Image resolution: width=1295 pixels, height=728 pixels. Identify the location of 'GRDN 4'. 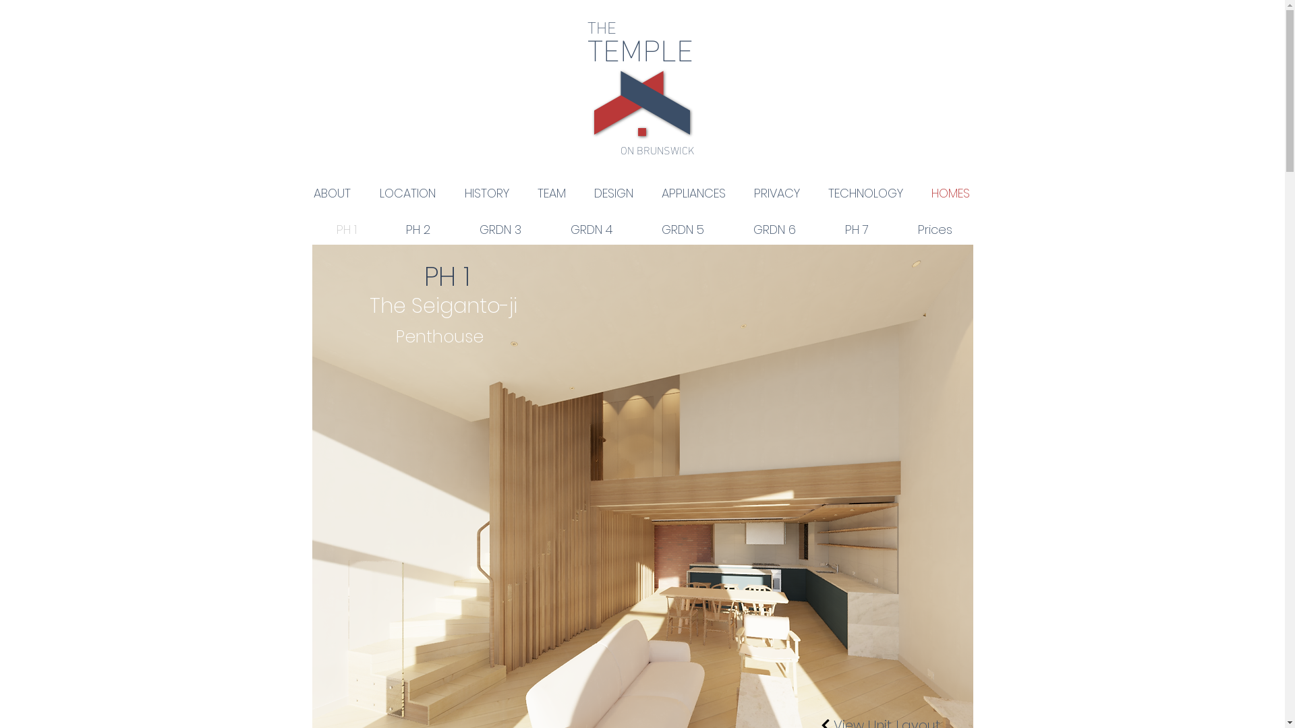
(592, 229).